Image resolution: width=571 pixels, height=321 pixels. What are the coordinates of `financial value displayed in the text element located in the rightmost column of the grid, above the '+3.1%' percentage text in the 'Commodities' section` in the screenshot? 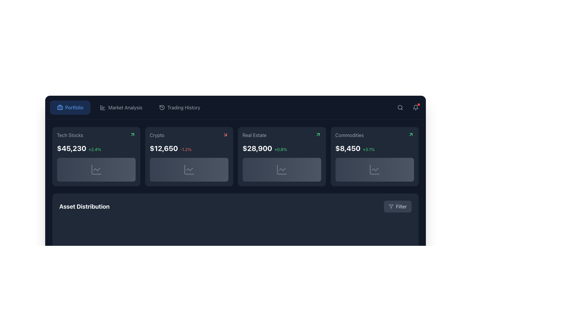 It's located at (348, 148).